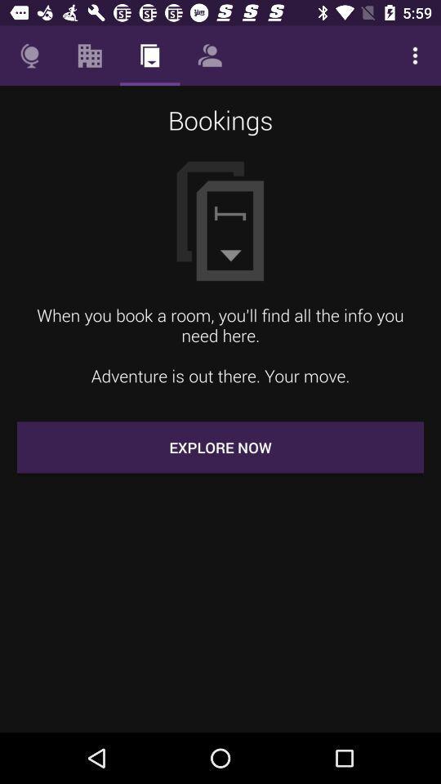  I want to click on the item below the when you book item, so click(220, 447).